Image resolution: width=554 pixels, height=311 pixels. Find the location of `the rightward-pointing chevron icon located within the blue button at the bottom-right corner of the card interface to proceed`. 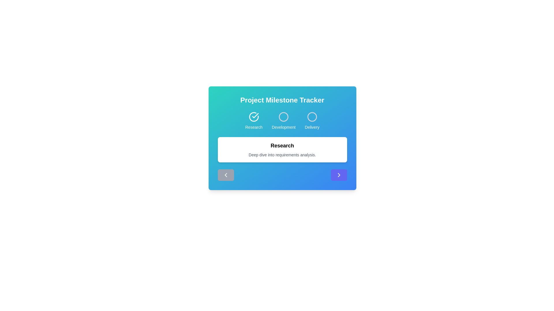

the rightward-pointing chevron icon located within the blue button at the bottom-right corner of the card interface to proceed is located at coordinates (339, 175).